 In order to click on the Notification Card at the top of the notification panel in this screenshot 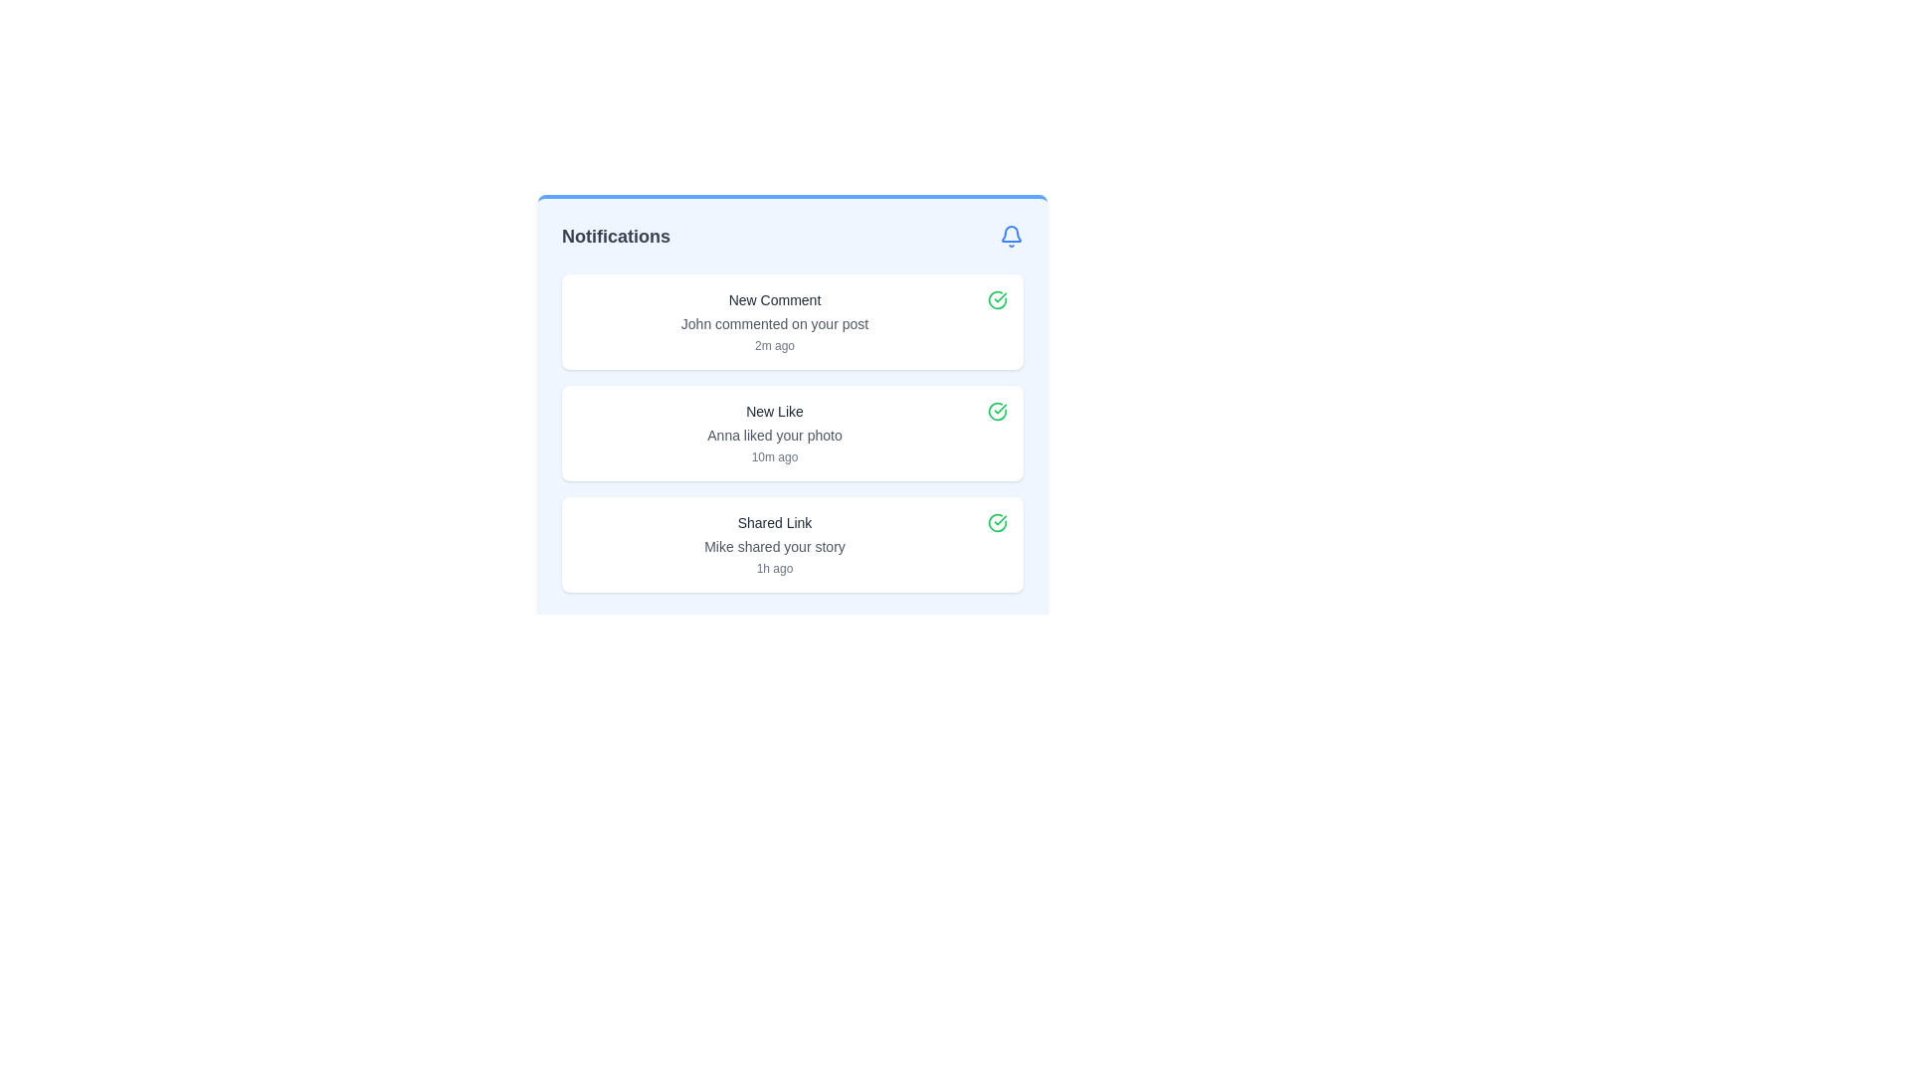, I will do `click(791, 321)`.